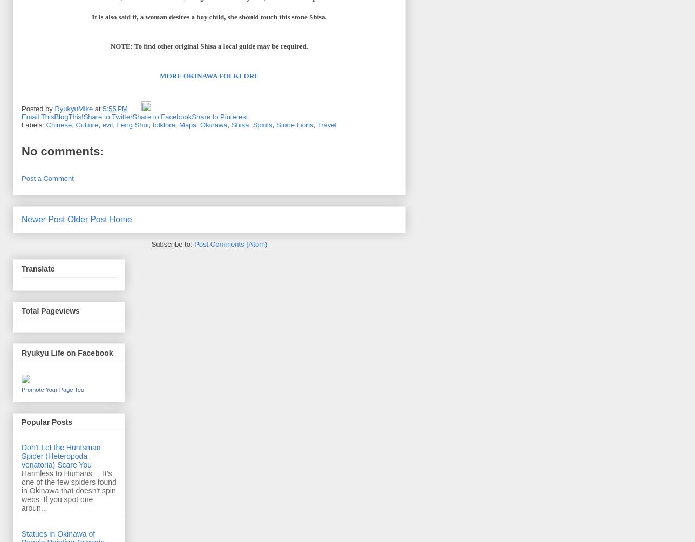 This screenshot has height=542, width=695. What do you see at coordinates (220, 116) in the screenshot?
I see `'Share to Pinterest'` at bounding box center [220, 116].